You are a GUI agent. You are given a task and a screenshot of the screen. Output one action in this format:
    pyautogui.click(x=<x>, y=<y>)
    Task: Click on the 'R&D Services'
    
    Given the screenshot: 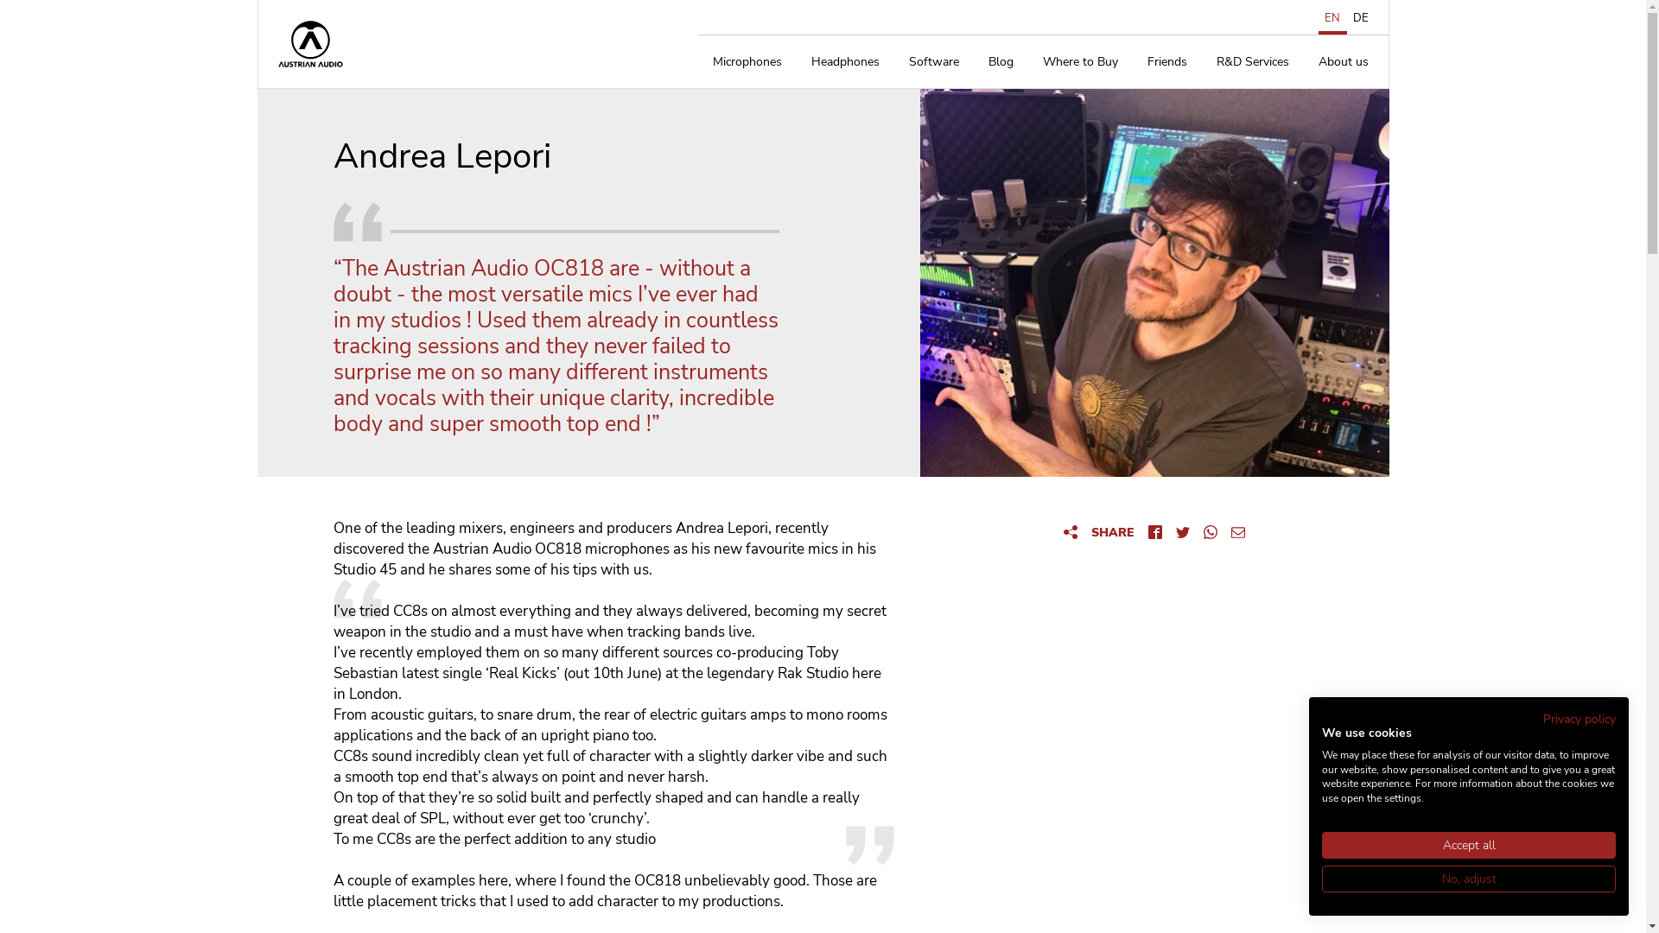 What is the action you would take?
    pyautogui.click(x=1200, y=61)
    